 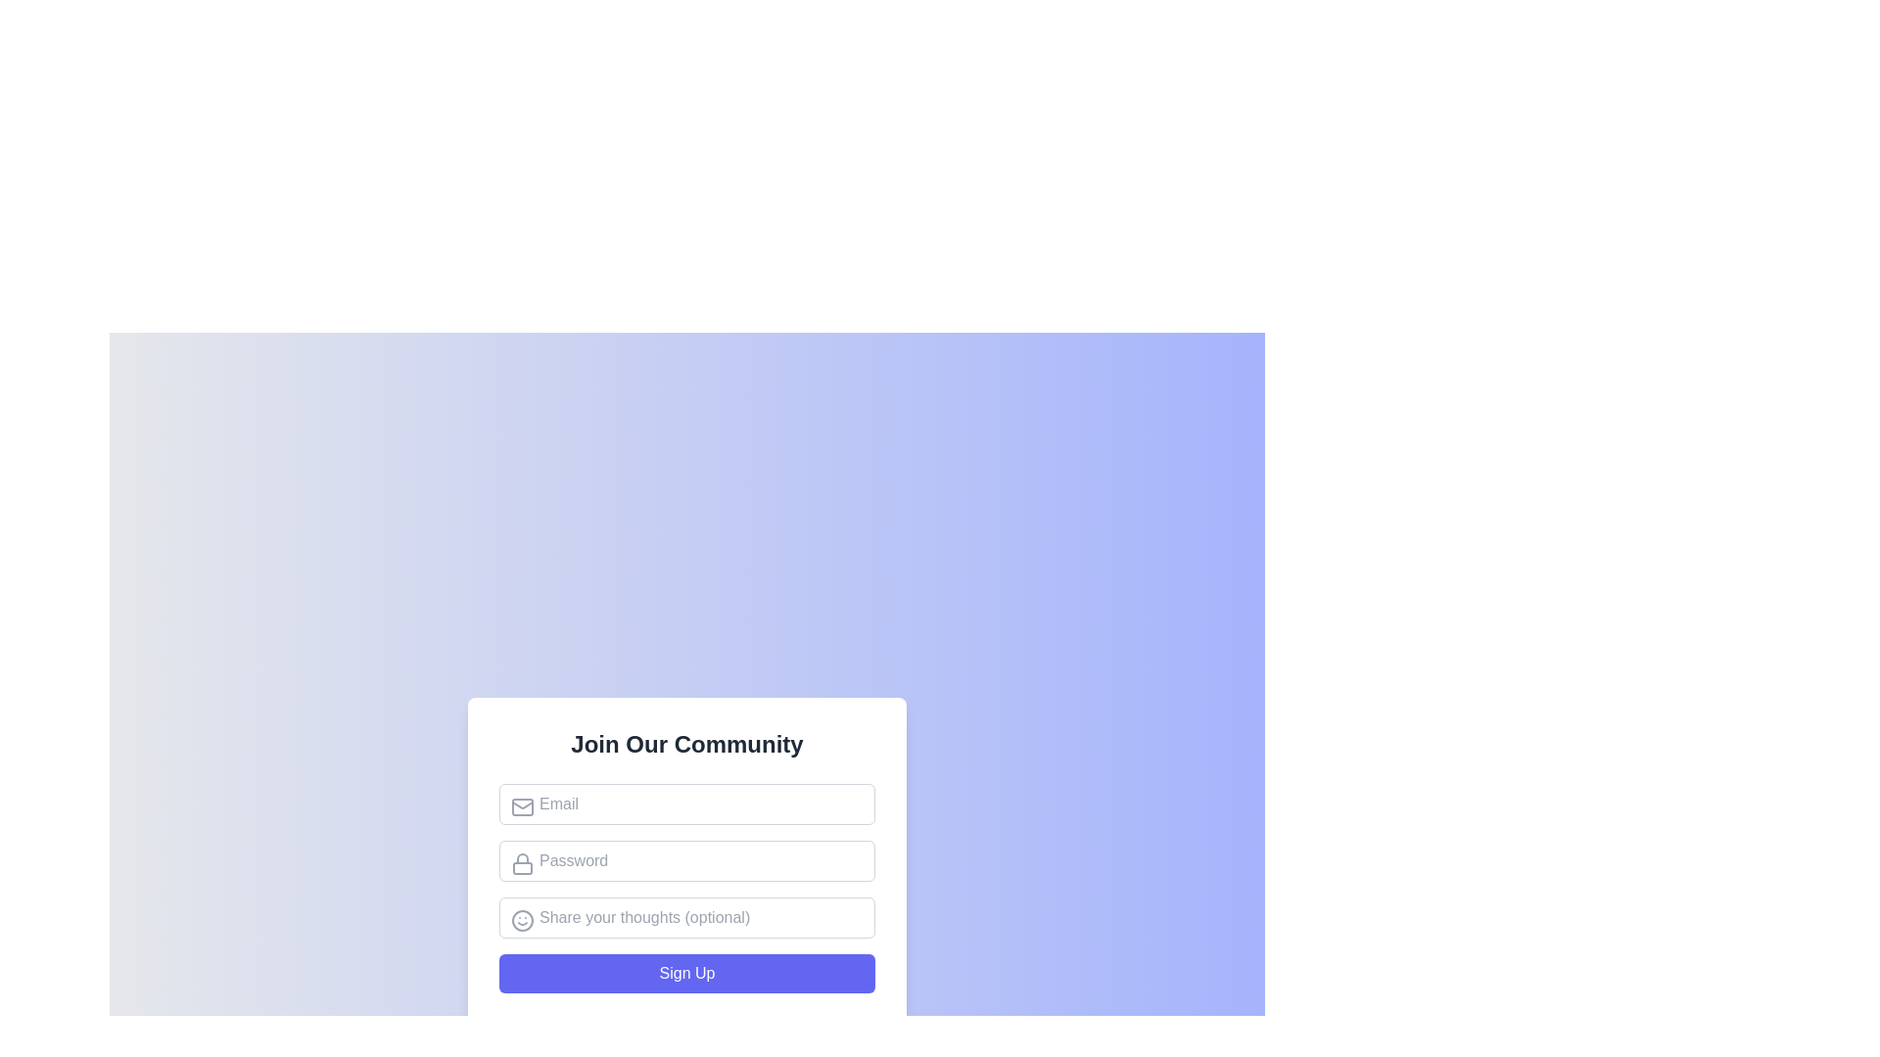 What do you see at coordinates (522, 921) in the screenshot?
I see `the decorative icon located to the left of the 'Share your thoughts (optional)' input field` at bounding box center [522, 921].